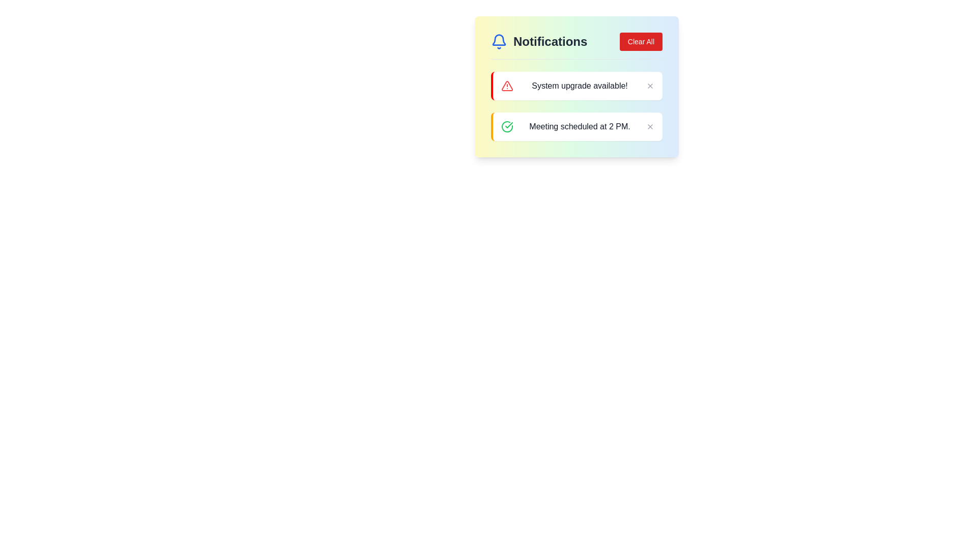 The height and width of the screenshot is (550, 977). Describe the element at coordinates (499, 41) in the screenshot. I see `the blue outlined bell-shaped icon located next to the 'Notifications' text in the header section` at that location.